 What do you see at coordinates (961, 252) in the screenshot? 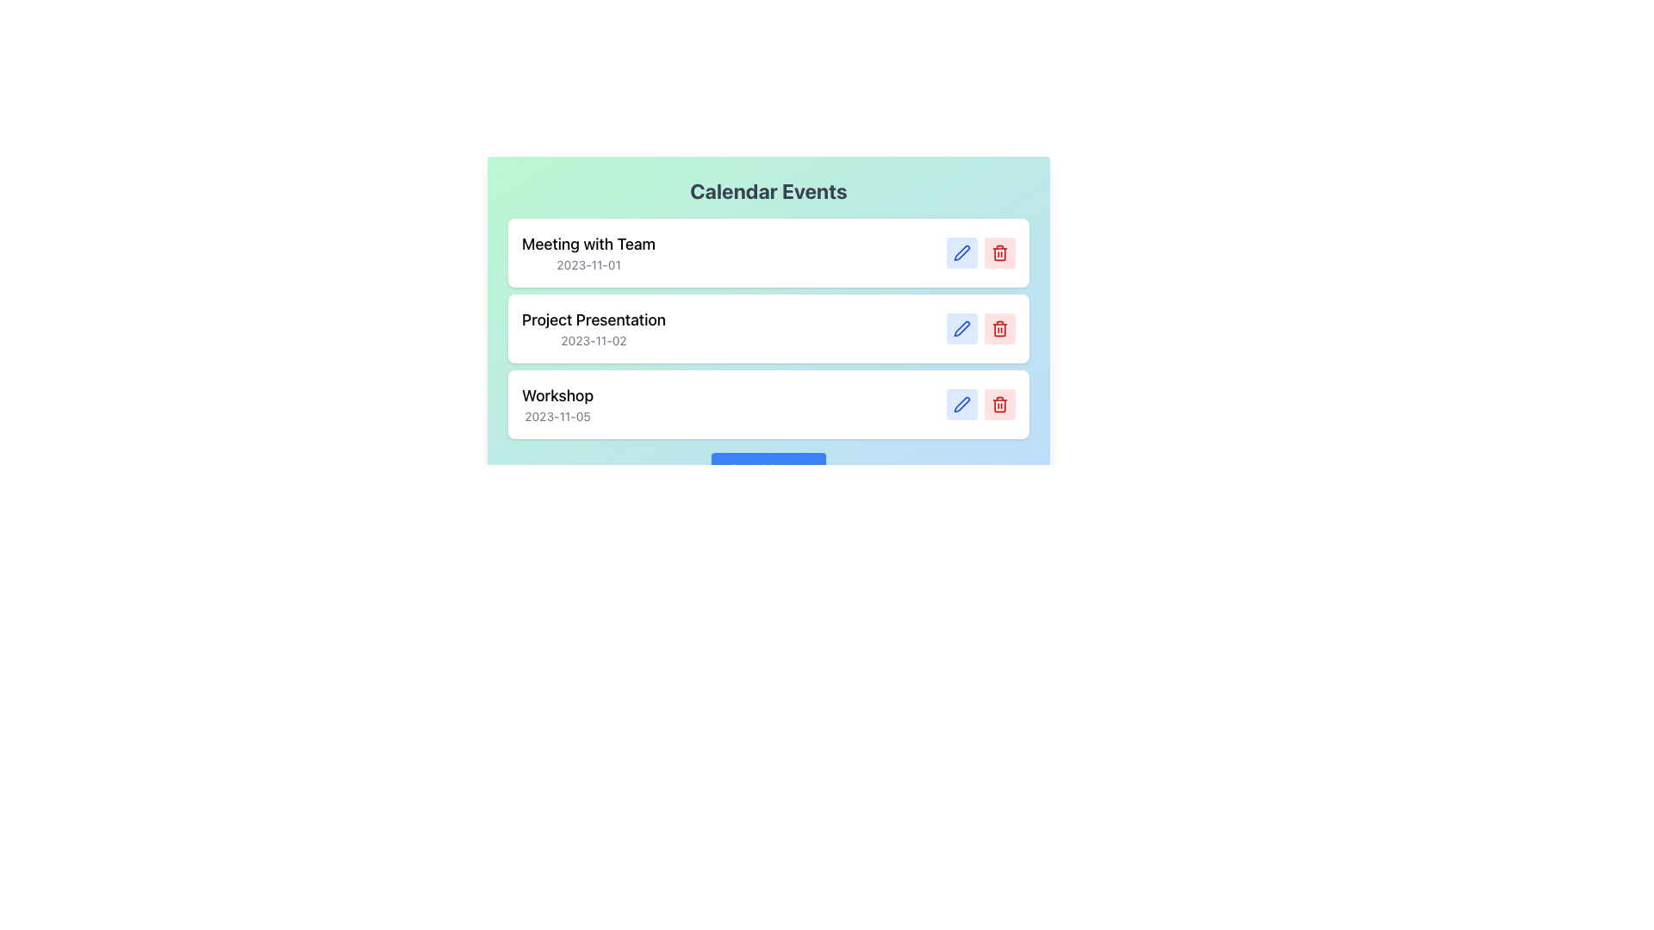
I see `the edit button for the 'Meeting with Team' event located in the upper right of its card` at bounding box center [961, 252].